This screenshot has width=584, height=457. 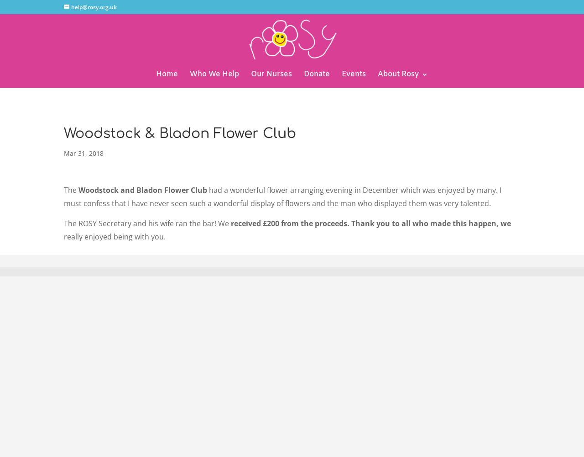 I want to click on 'About Rosy', so click(x=398, y=74).